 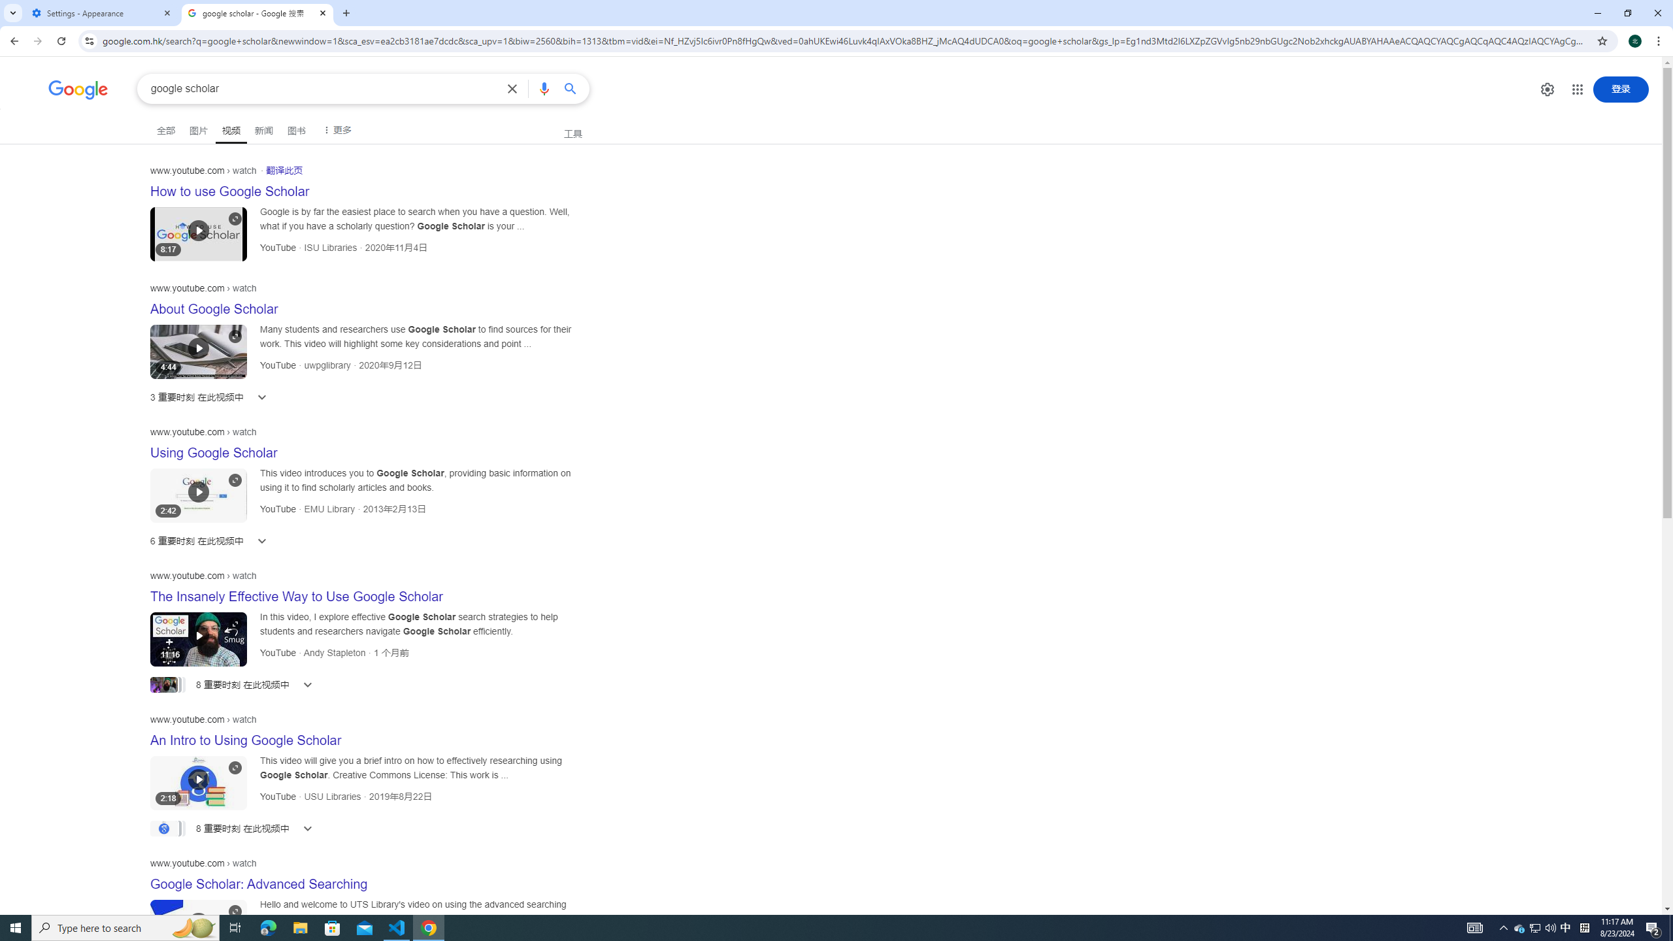 I want to click on 'Settings - Appearance', so click(x=101, y=12).